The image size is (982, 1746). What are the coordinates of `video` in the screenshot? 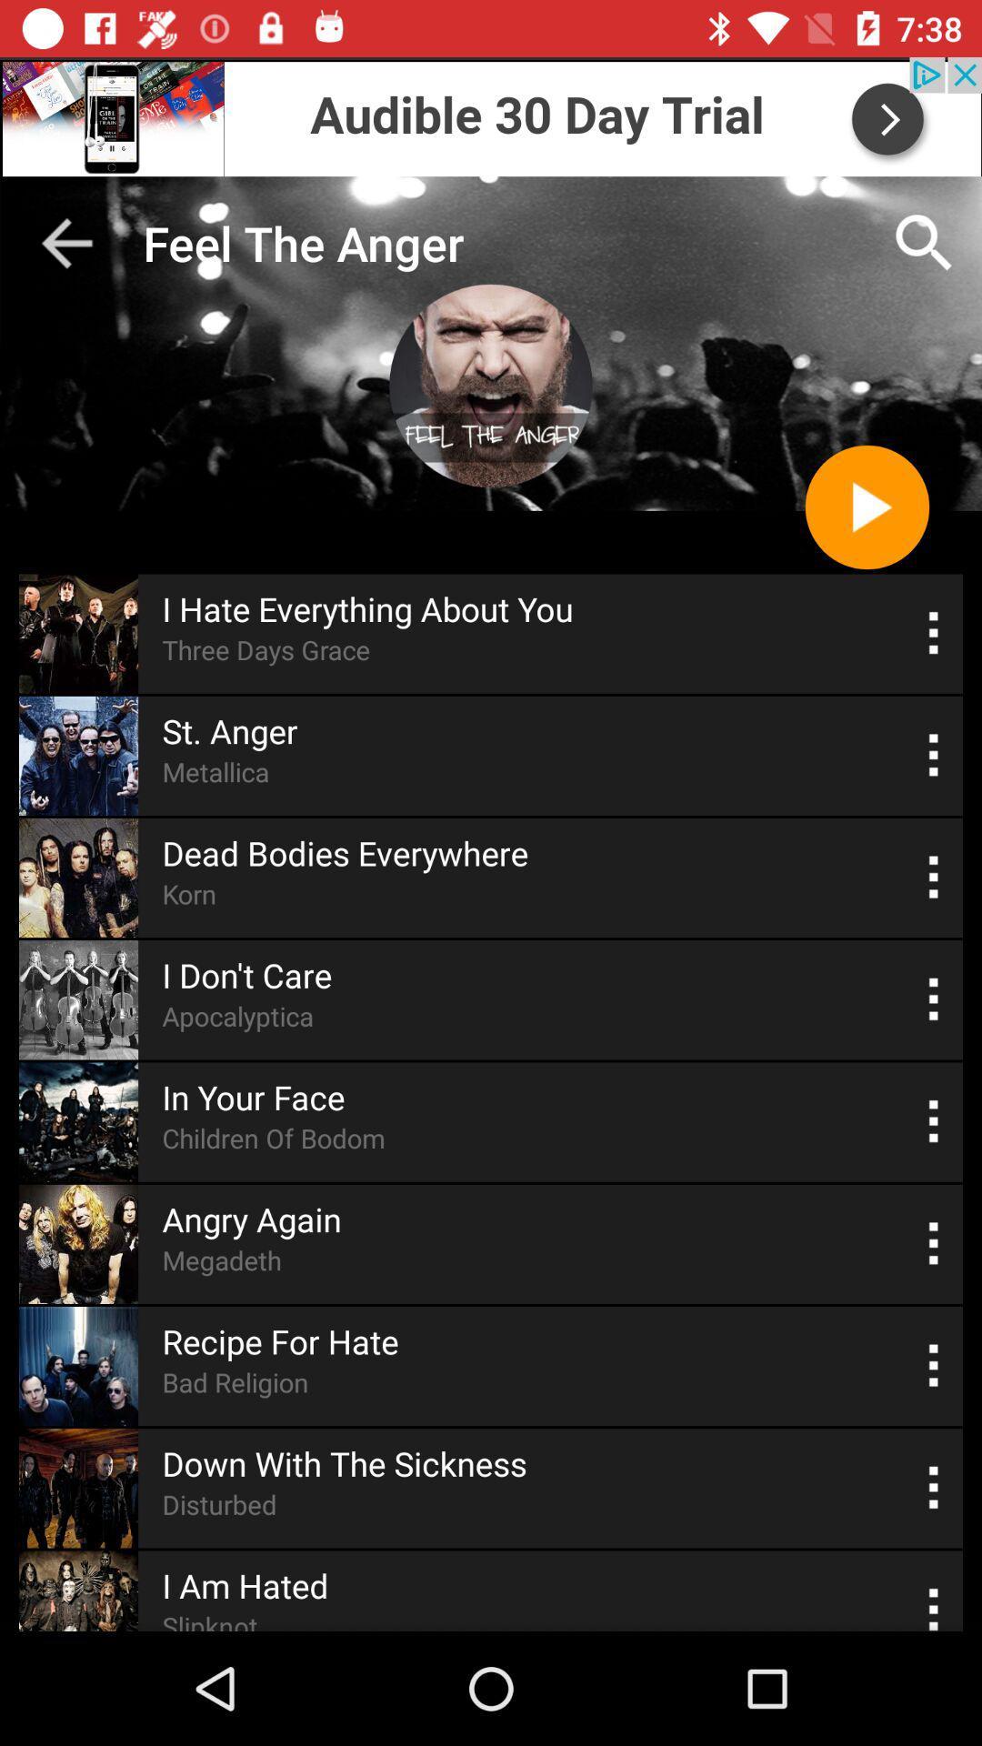 It's located at (866, 507).